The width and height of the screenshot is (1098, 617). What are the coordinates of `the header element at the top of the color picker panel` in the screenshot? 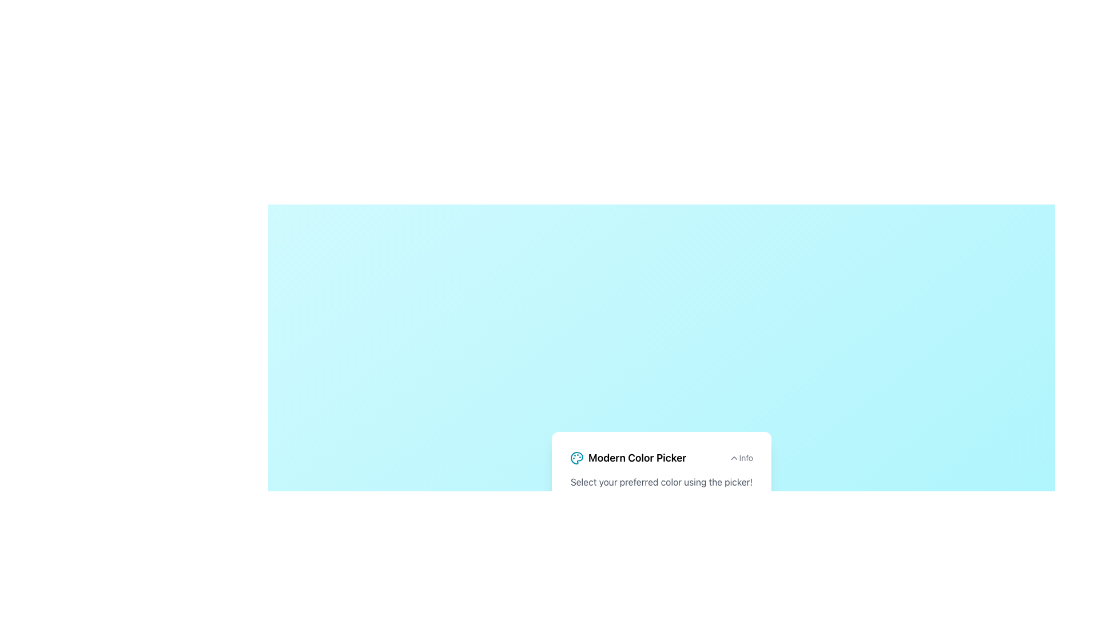 It's located at (661, 457).